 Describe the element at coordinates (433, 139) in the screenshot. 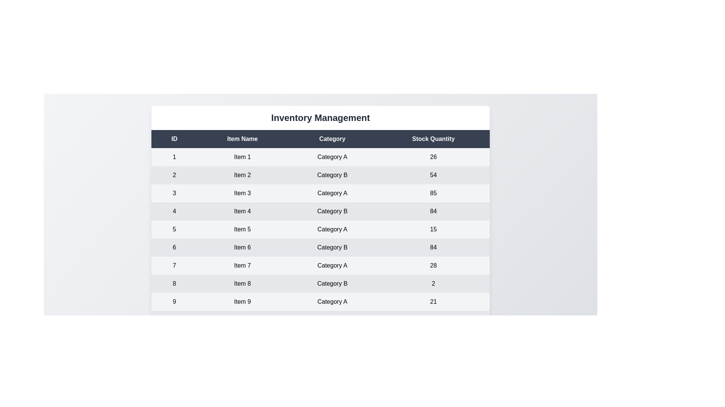

I see `the header Stock Quantity in the table` at that location.